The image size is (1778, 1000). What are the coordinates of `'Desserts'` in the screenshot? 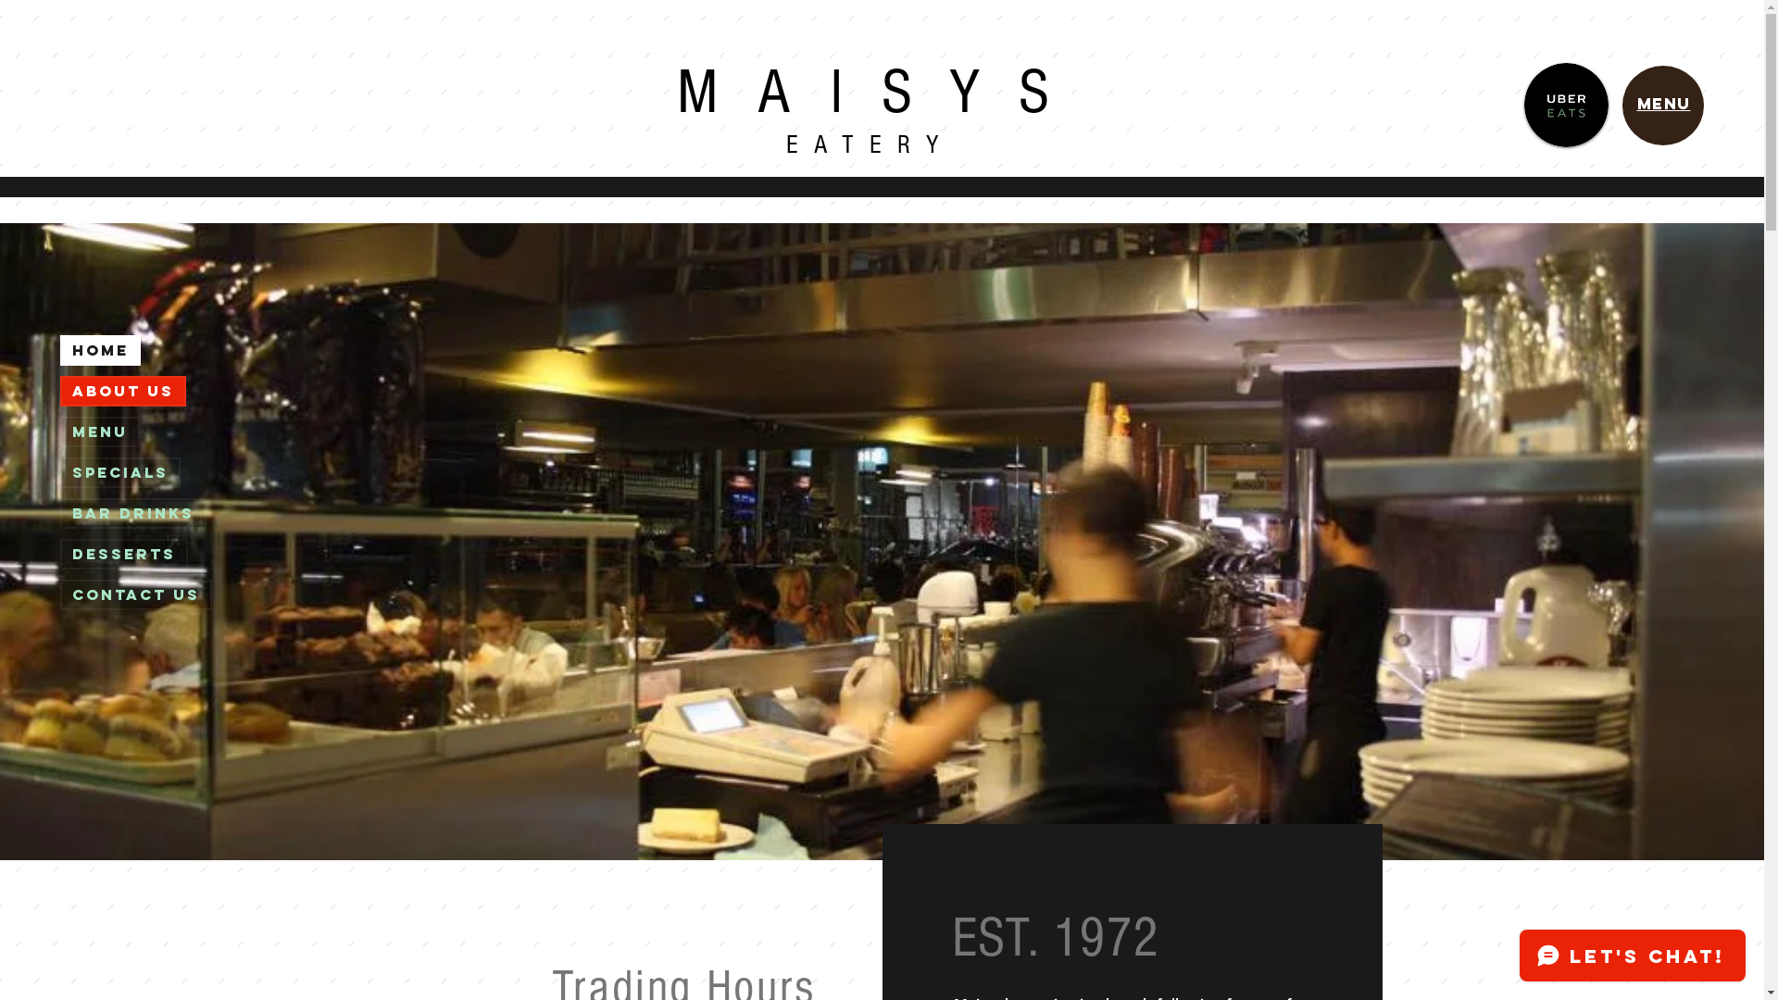 It's located at (62, 553).